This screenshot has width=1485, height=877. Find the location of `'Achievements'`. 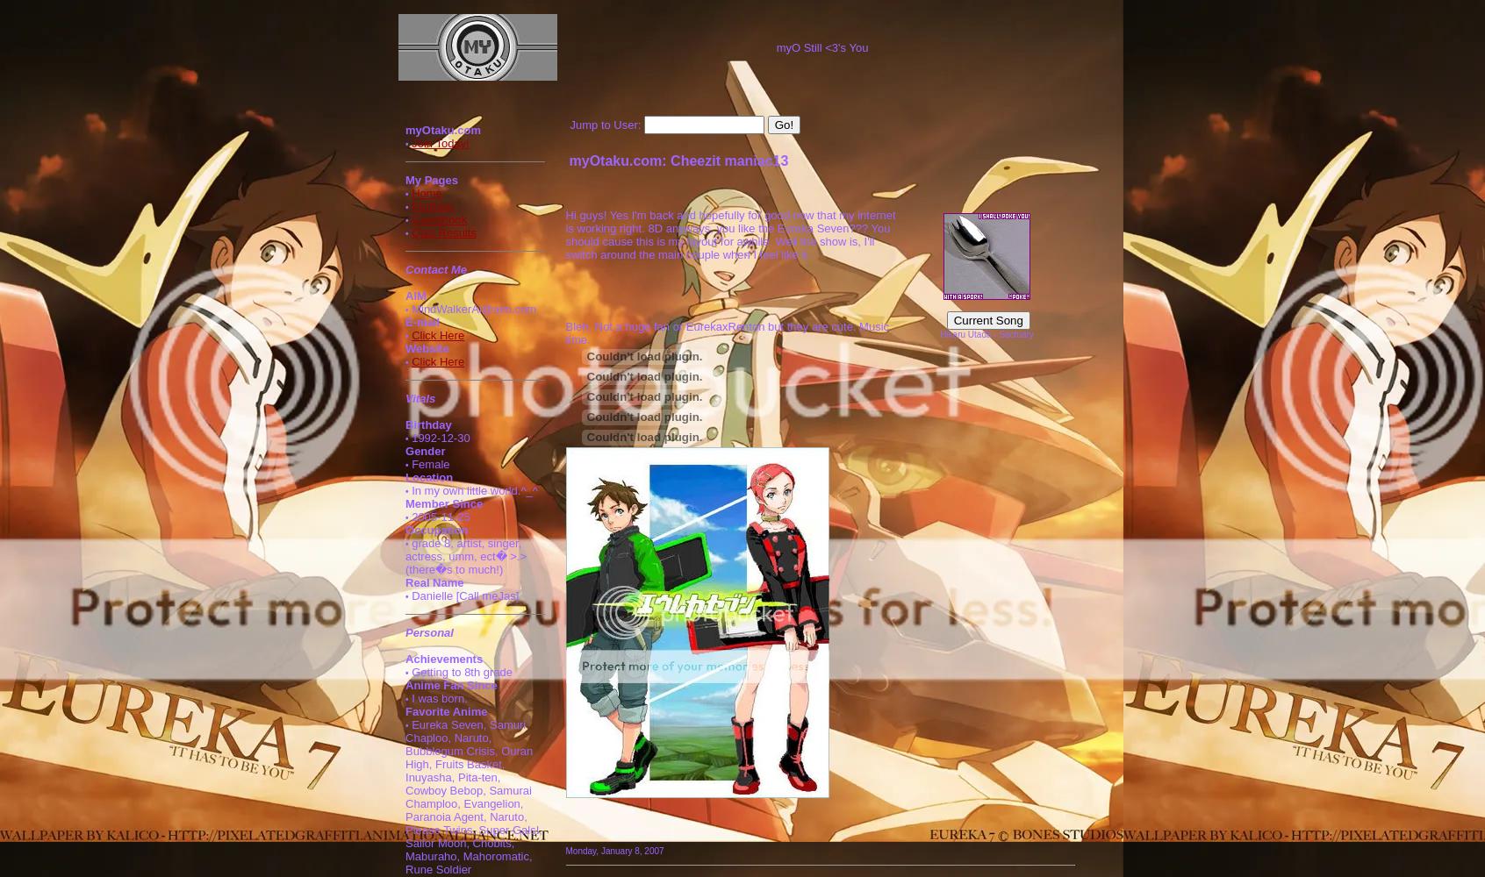

'Achievements' is located at coordinates (444, 659).